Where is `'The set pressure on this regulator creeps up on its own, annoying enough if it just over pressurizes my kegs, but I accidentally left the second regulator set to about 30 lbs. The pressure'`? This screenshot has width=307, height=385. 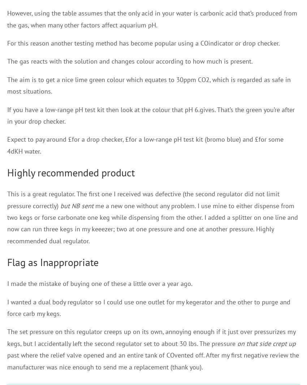
'The set pressure on this regulator creeps up on its own, annoying enough if it just over pressurizes my kegs, but I accidentally left the second regulator set to about 30 lbs. The pressure' is located at coordinates (151, 337).